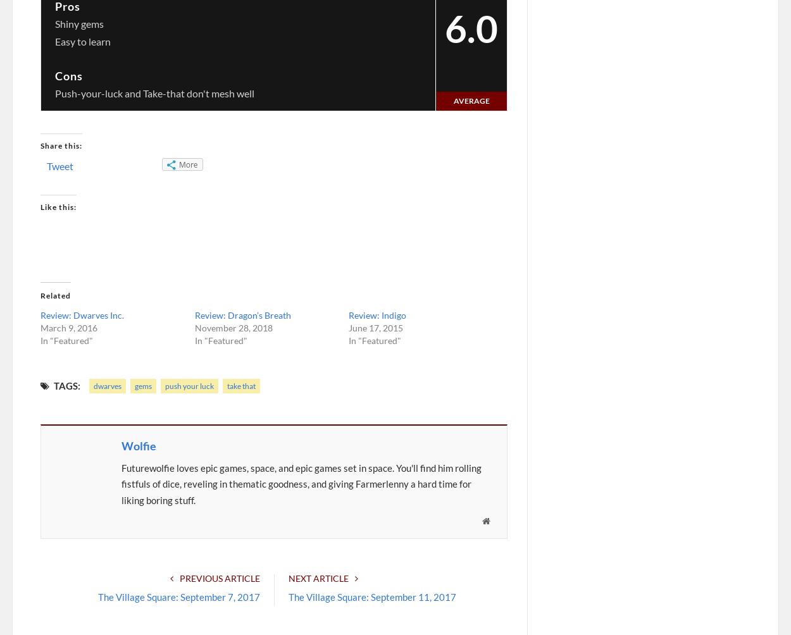  What do you see at coordinates (320, 577) in the screenshot?
I see `'Next Article'` at bounding box center [320, 577].